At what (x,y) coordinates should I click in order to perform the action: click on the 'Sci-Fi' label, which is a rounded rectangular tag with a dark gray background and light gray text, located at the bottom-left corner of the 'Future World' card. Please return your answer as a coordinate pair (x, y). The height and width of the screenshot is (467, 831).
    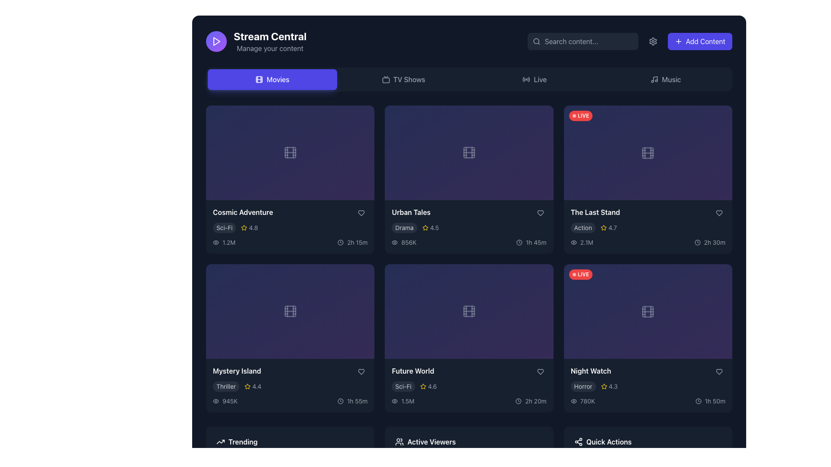
    Looking at the image, I should click on (403, 386).